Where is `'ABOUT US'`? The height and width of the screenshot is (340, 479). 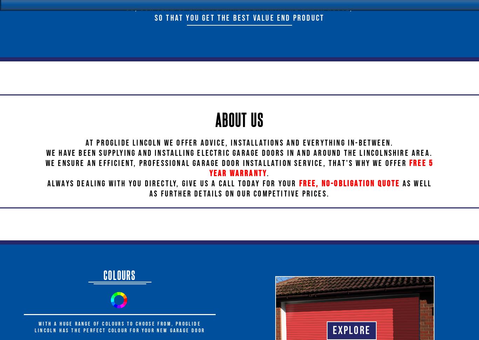 'ABOUT US' is located at coordinates (239, 119).